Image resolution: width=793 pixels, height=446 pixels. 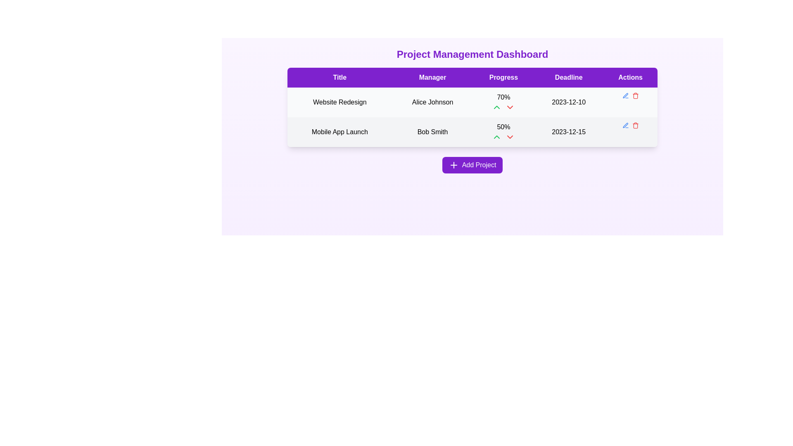 I want to click on the green upward-pointing chevron icon located under the 'Progress' column, adjacent to the percentage value '70%', so click(x=496, y=107).